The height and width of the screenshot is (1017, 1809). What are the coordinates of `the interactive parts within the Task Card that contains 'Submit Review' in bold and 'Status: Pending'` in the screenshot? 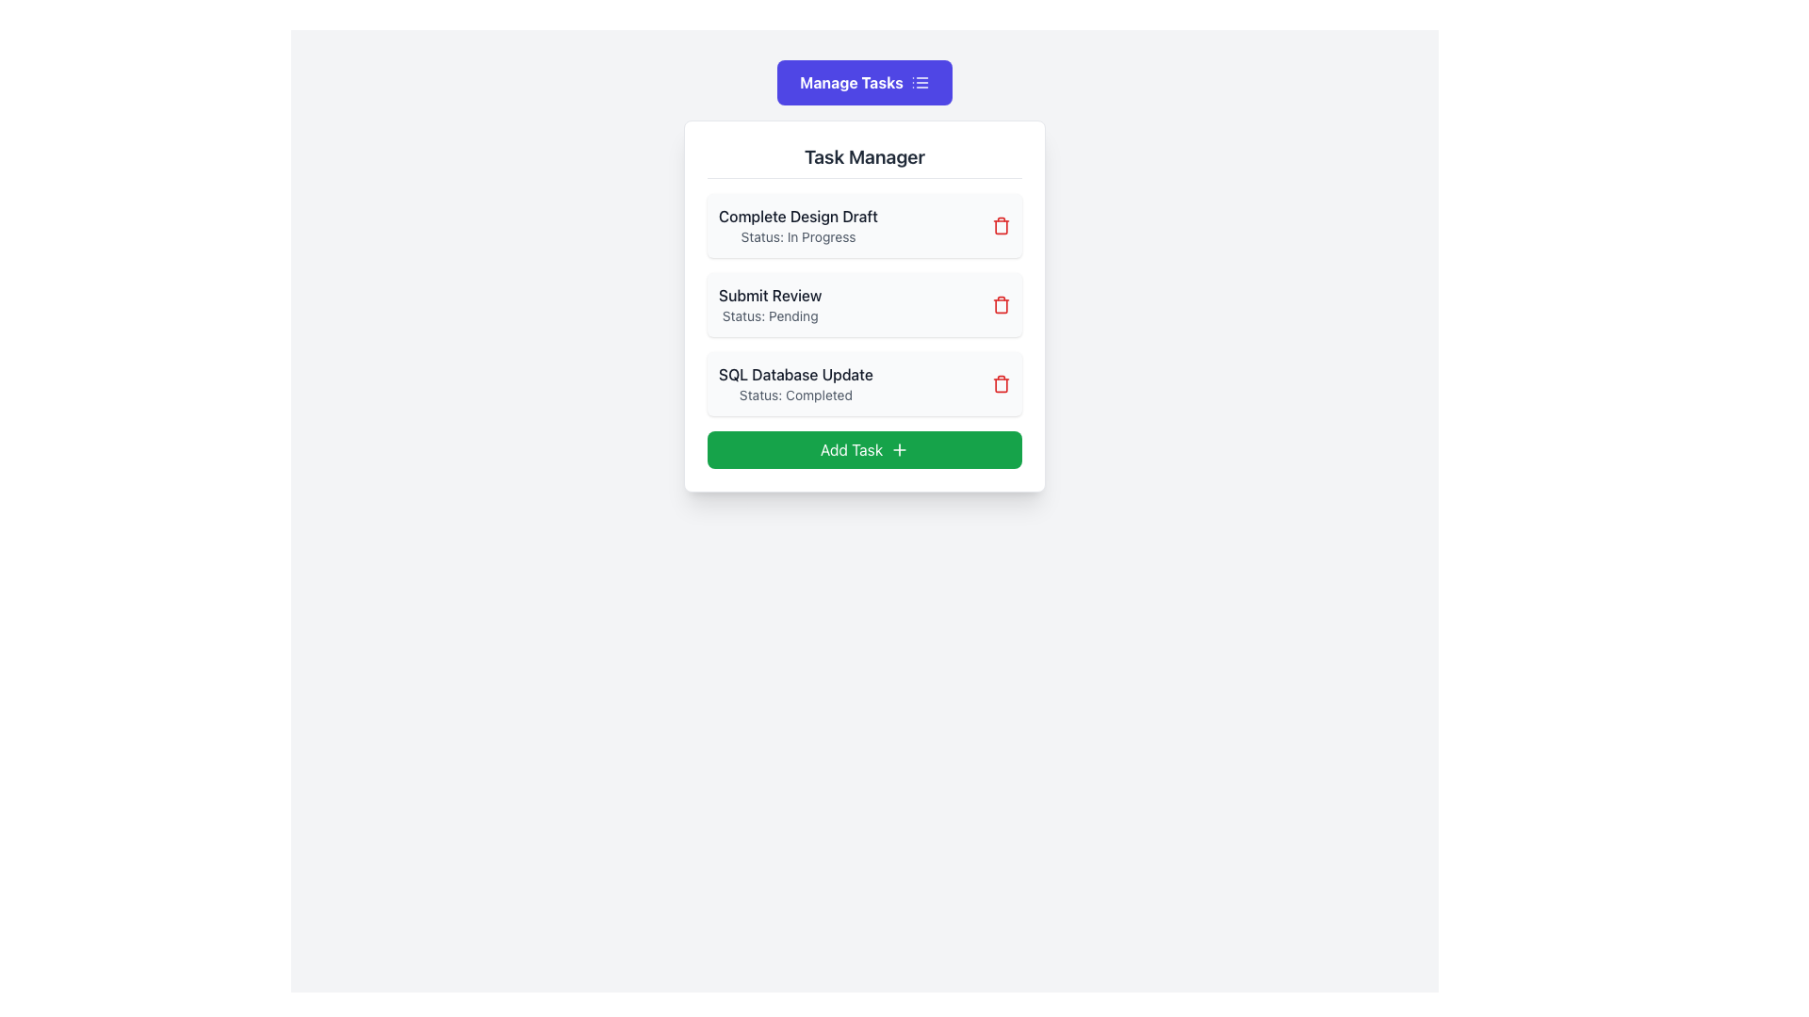 It's located at (863, 304).